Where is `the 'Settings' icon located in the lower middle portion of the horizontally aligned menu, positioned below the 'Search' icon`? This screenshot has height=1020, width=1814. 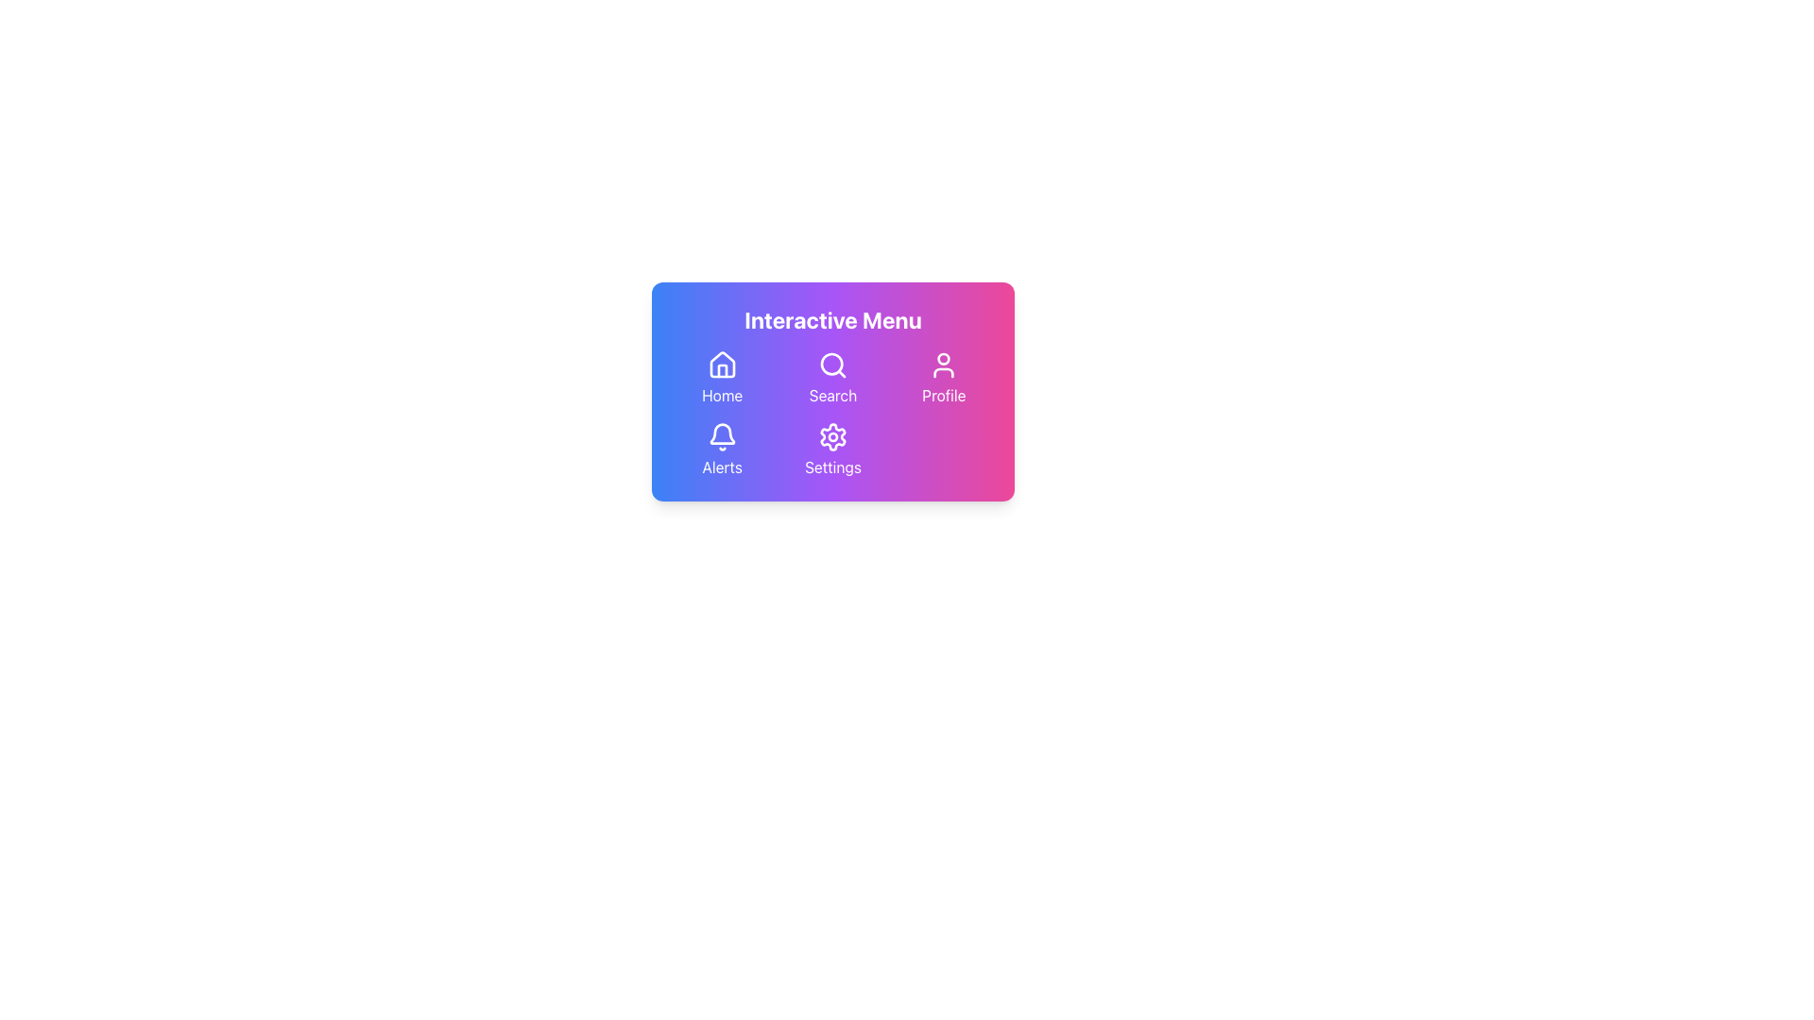
the 'Settings' icon located in the lower middle portion of the horizontally aligned menu, positioned below the 'Search' icon is located at coordinates (832, 436).